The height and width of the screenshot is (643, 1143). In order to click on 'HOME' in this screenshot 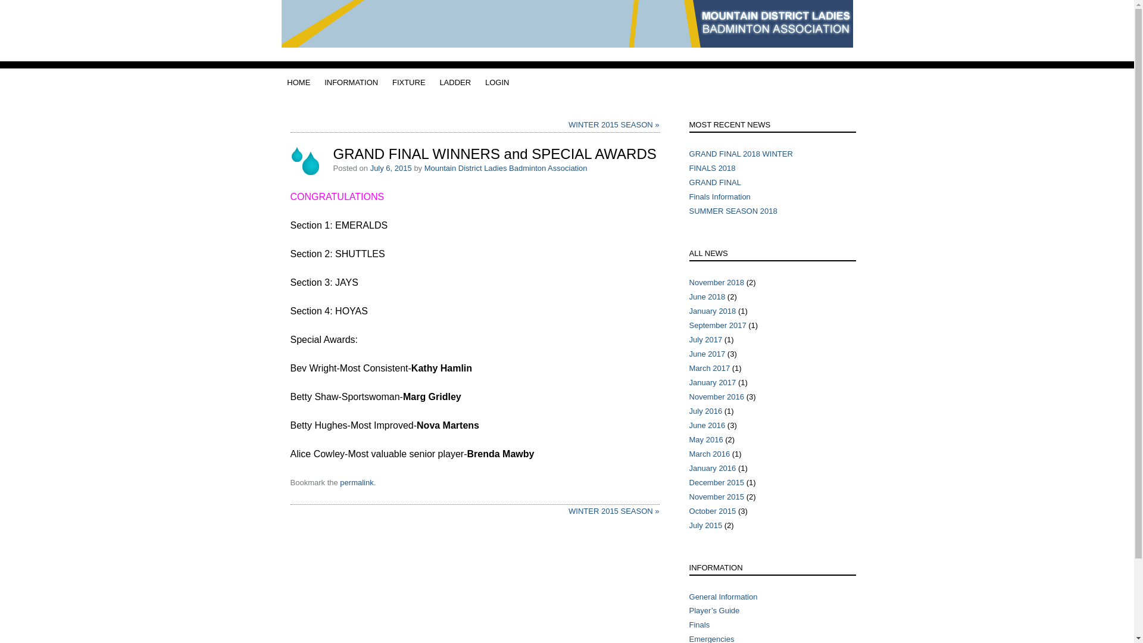, I will do `click(286, 82)`.